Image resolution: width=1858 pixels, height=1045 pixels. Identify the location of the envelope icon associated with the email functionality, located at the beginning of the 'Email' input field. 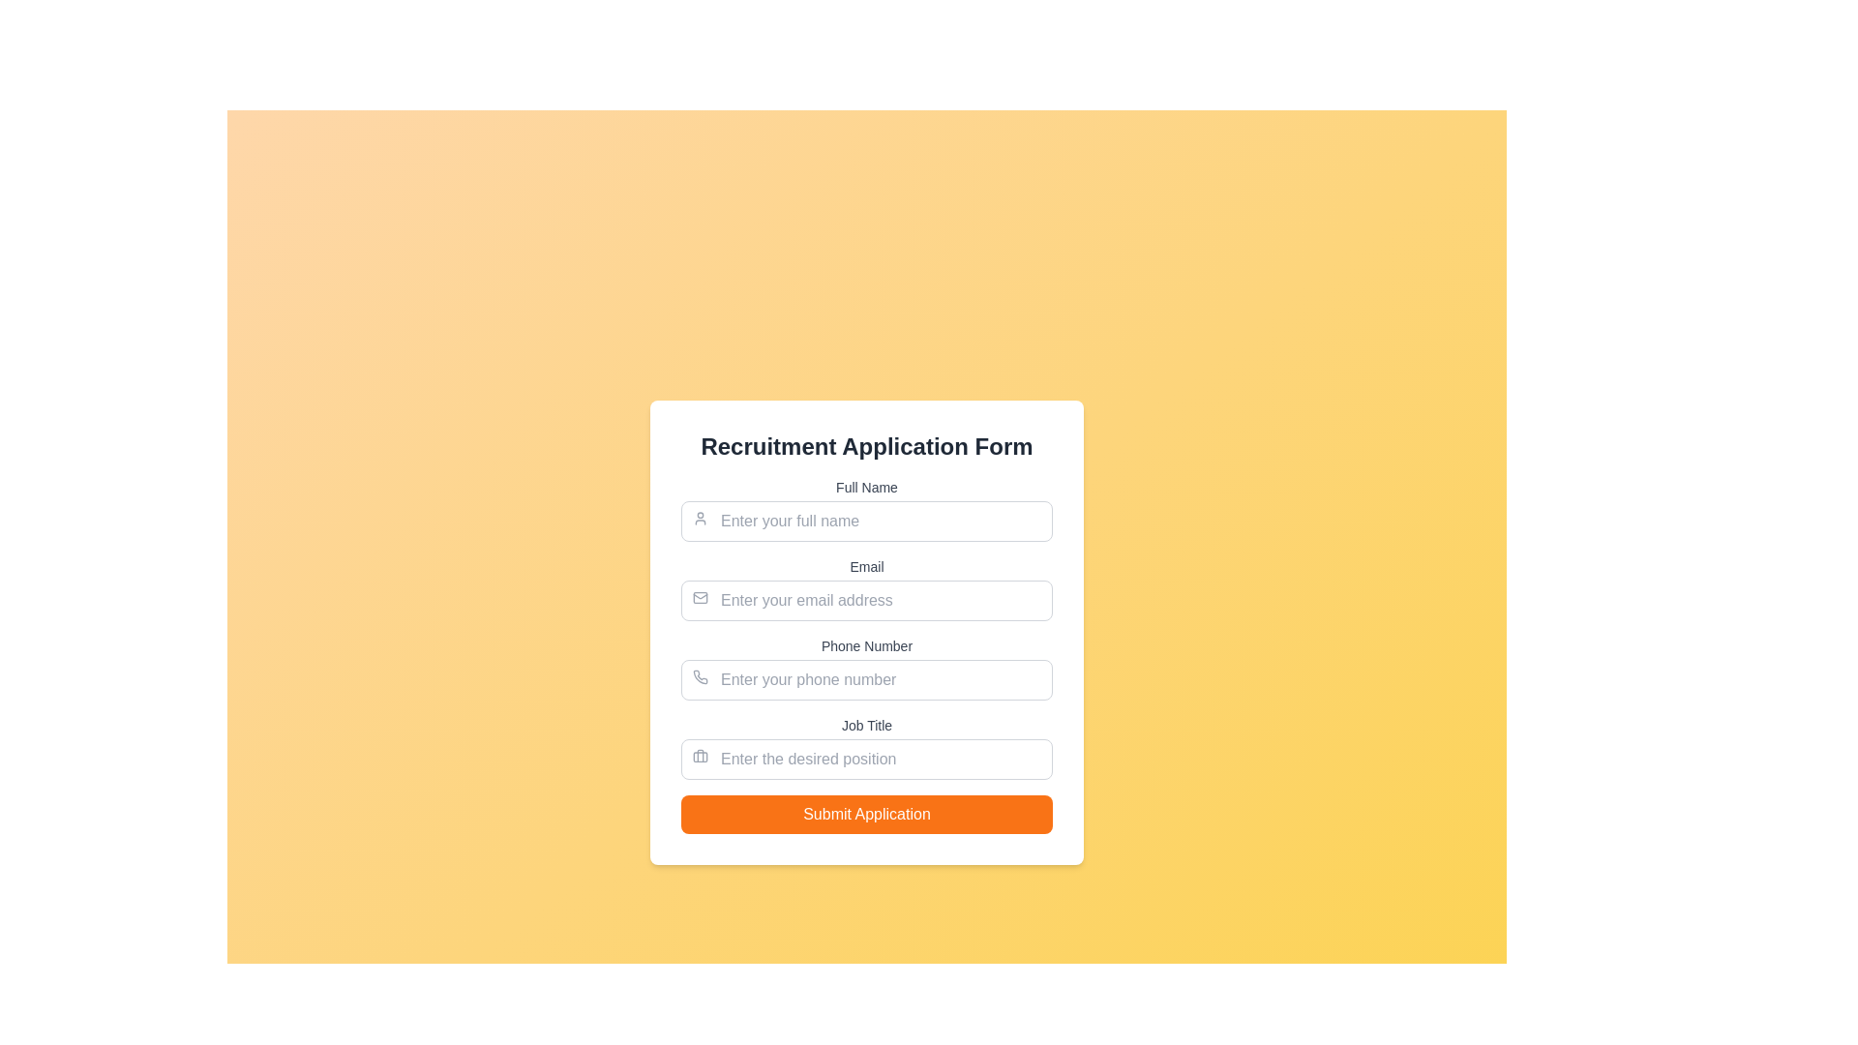
(700, 596).